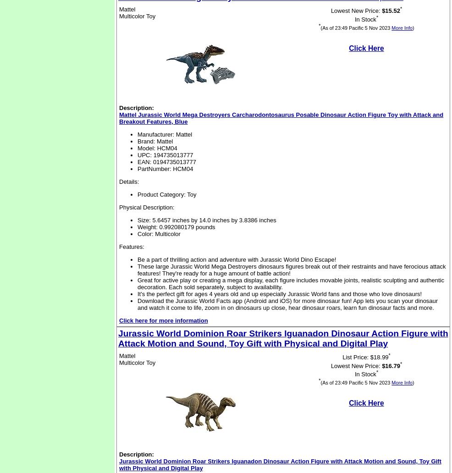  I want to click on 'Details:', so click(129, 181).